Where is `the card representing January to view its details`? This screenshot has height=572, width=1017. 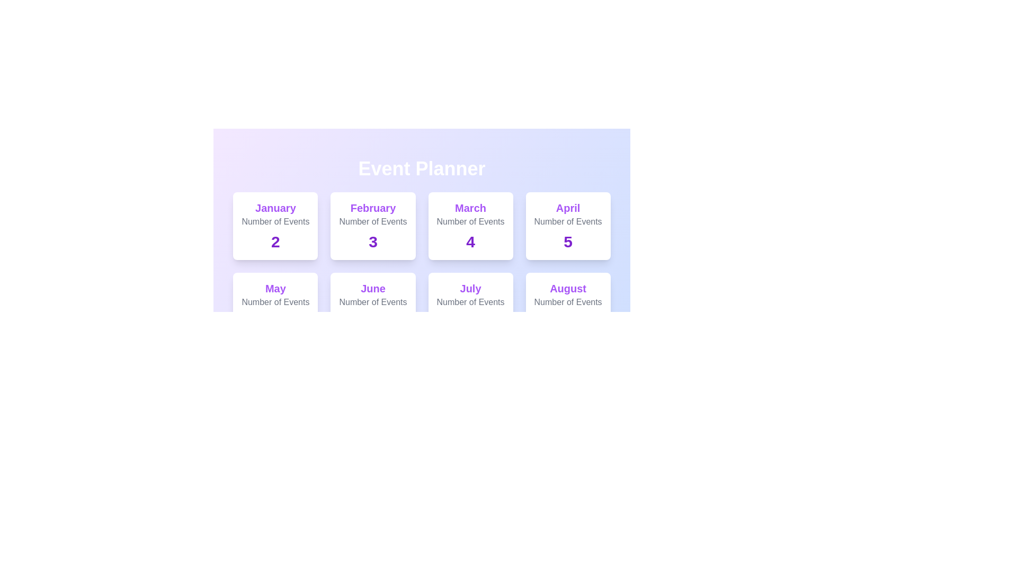 the card representing January to view its details is located at coordinates (275, 226).